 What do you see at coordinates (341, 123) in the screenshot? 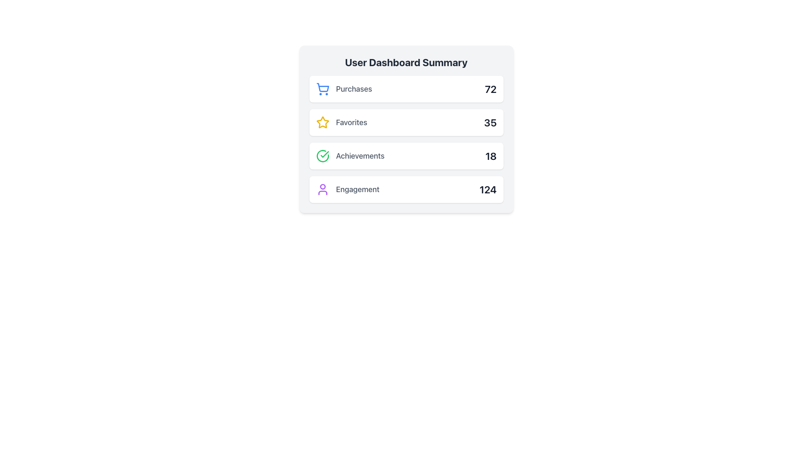
I see `the text label reading 'Favorites' which is styled in medium-sized gray font and located to the right of a yellow star icon in the user dashboard summary interface` at bounding box center [341, 123].